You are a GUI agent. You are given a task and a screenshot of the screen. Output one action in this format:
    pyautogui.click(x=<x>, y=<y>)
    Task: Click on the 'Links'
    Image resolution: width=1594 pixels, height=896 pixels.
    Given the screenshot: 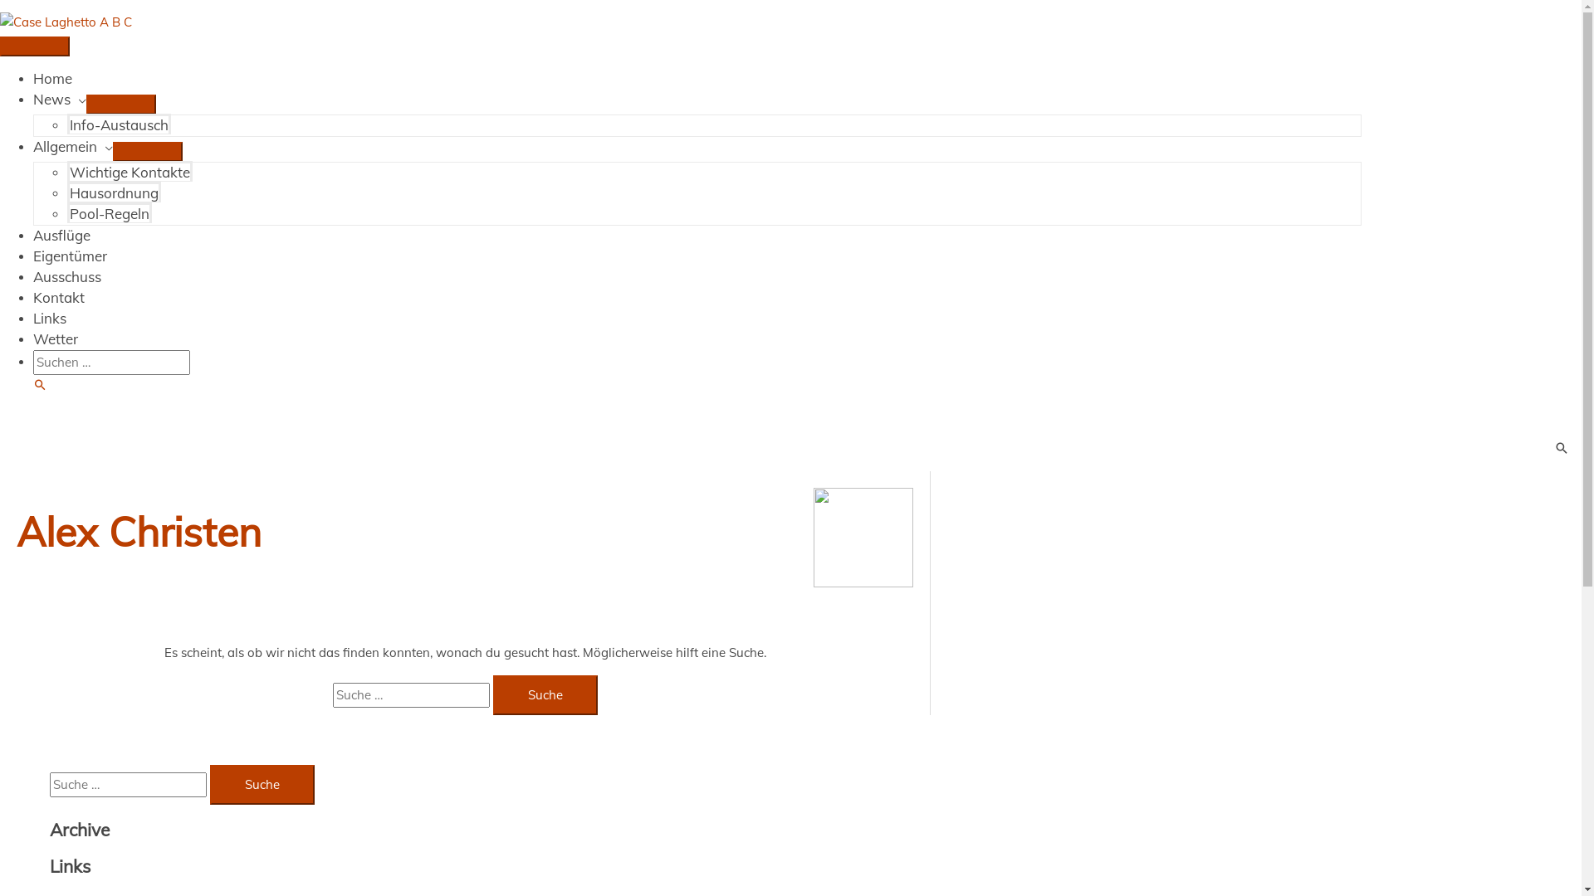 What is the action you would take?
    pyautogui.click(x=49, y=318)
    